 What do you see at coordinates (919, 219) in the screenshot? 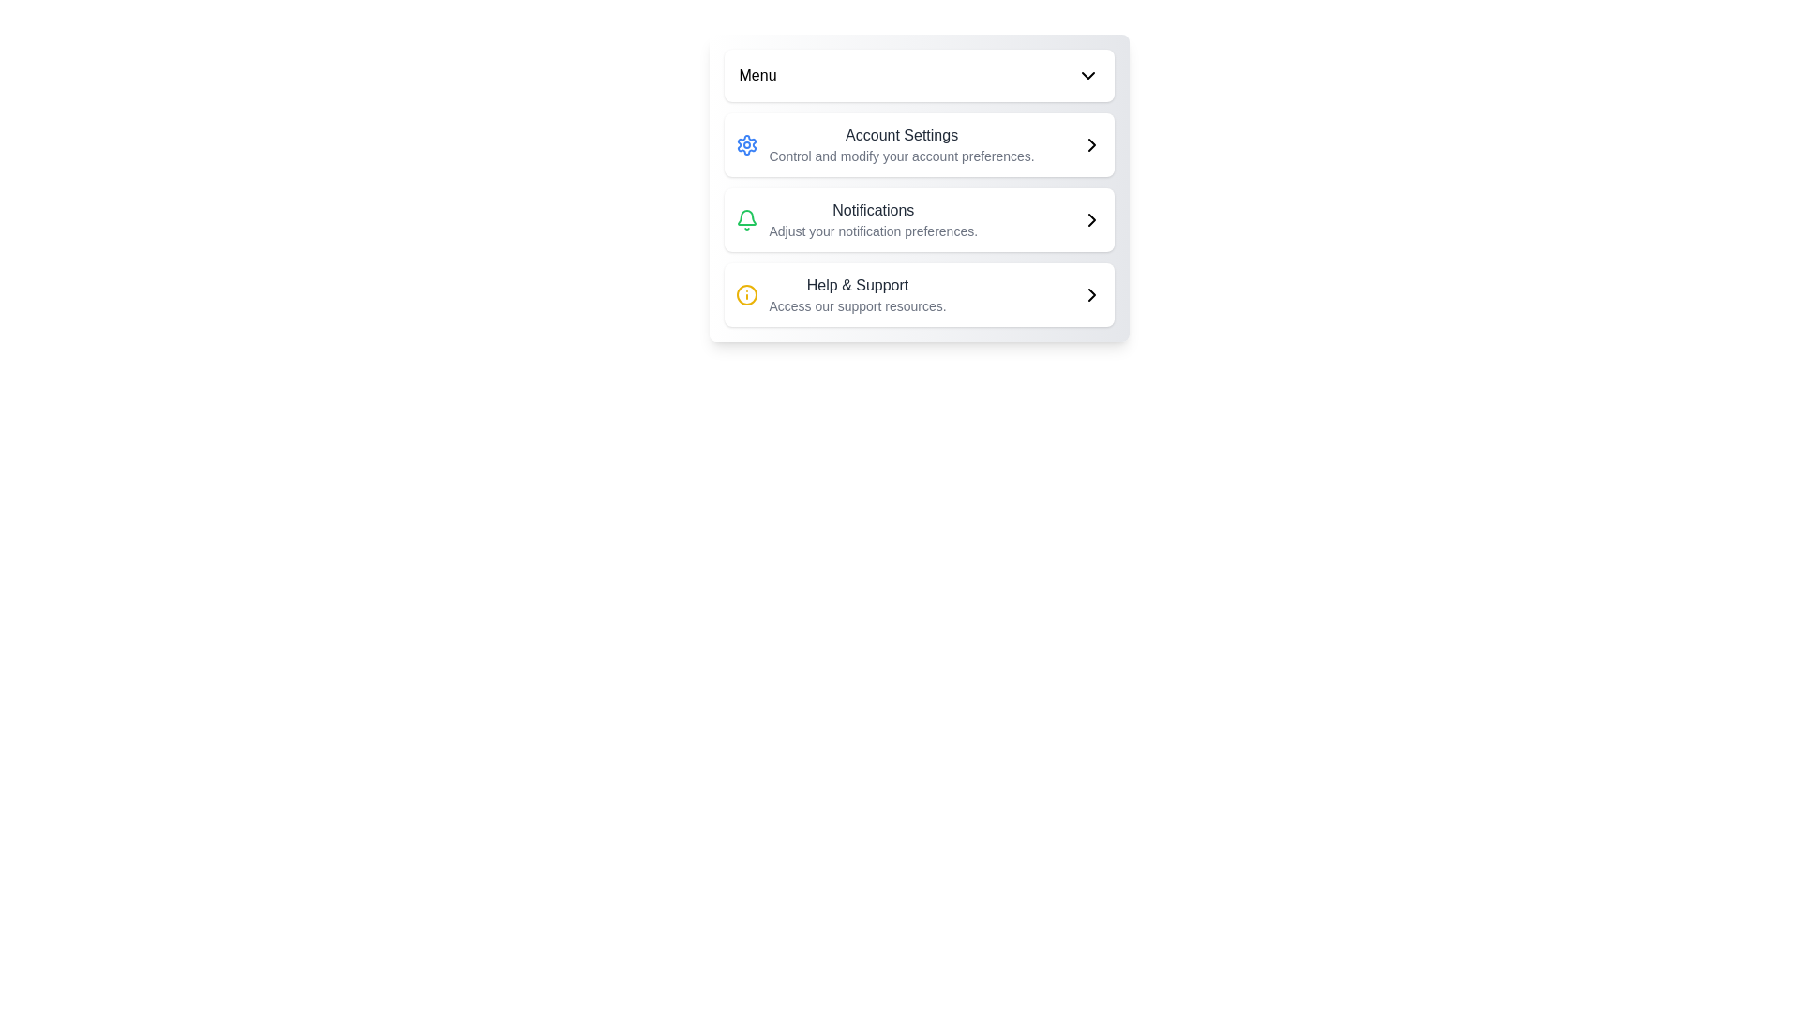
I see `the notification preferences button located between the 'Account Settings' and 'Help & Support' sections` at bounding box center [919, 219].